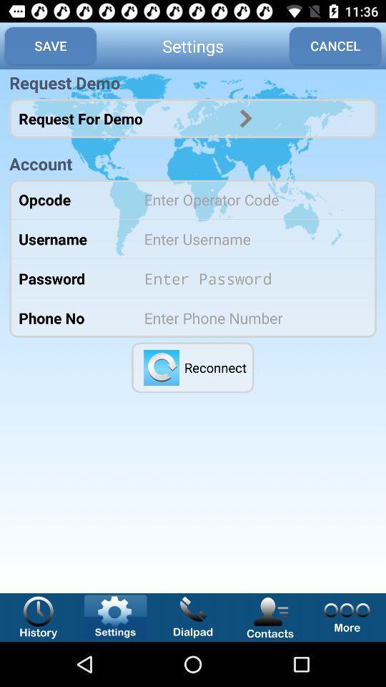  Describe the element at coordinates (250, 318) in the screenshot. I see `phone number area` at that location.